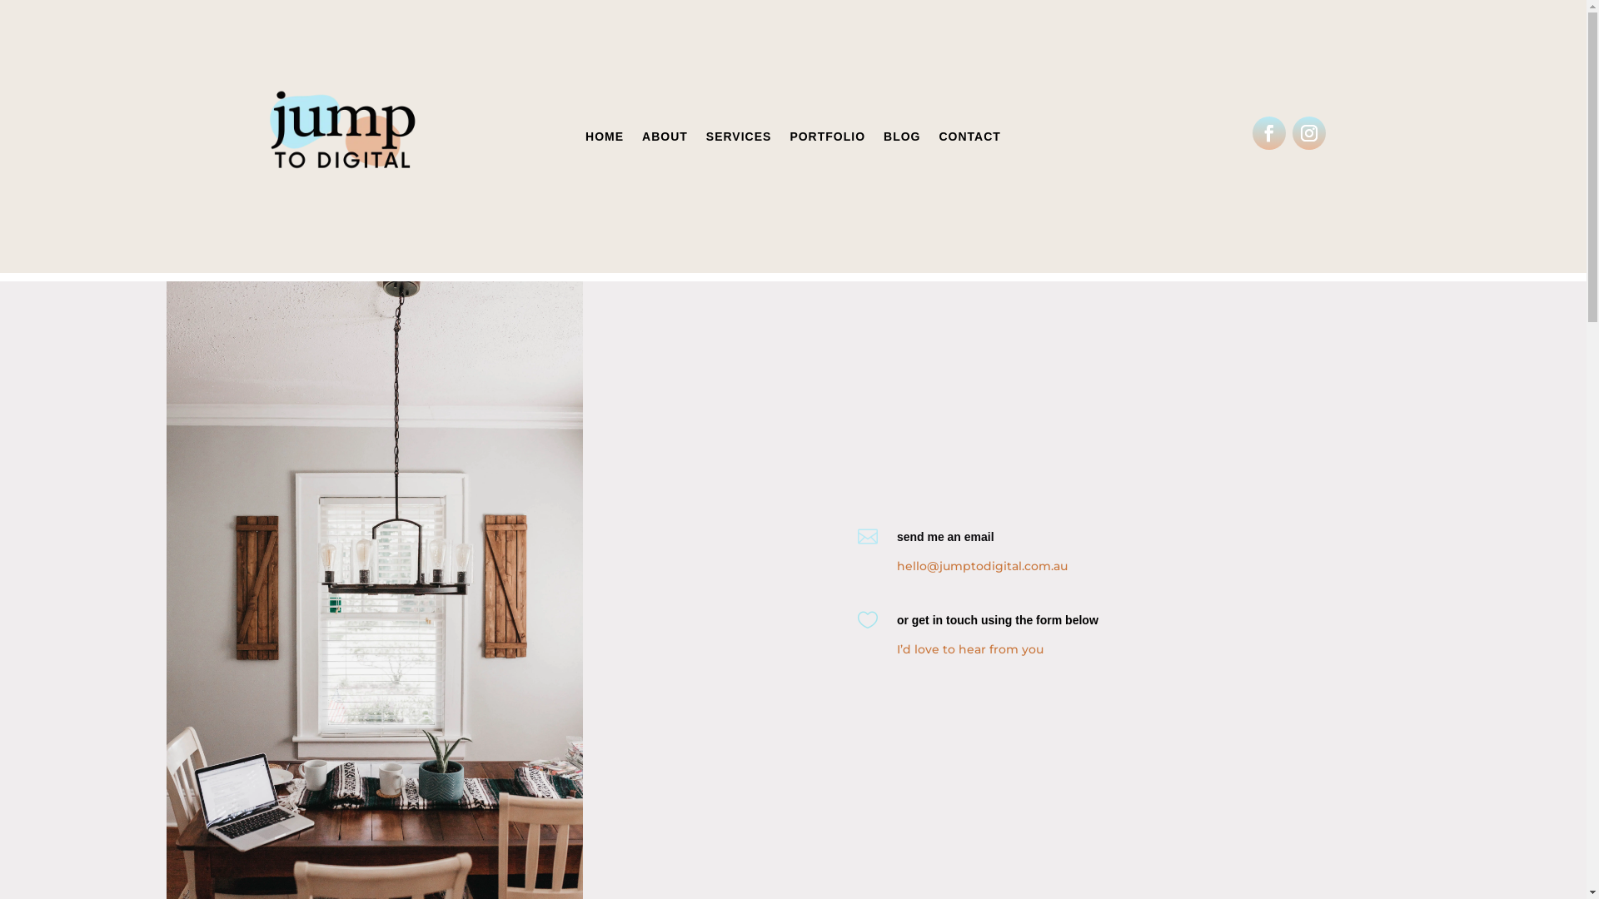 The height and width of the screenshot is (899, 1599). Describe the element at coordinates (970, 139) in the screenshot. I see `'CONTACT'` at that location.